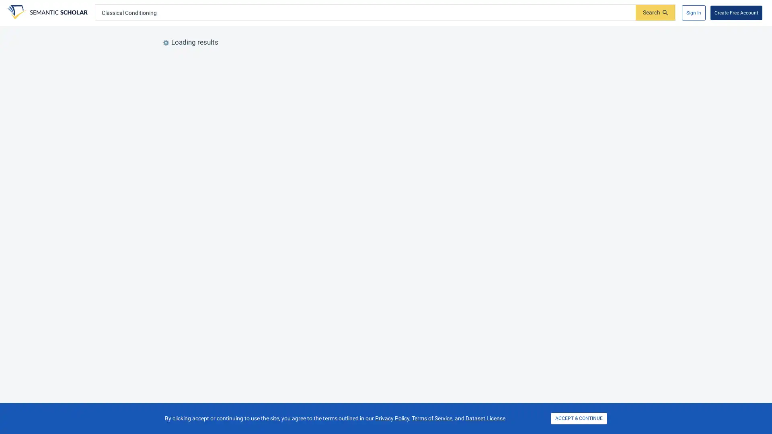  What do you see at coordinates (242, 357) in the screenshot?
I see `Turn on email alert for this paper` at bounding box center [242, 357].